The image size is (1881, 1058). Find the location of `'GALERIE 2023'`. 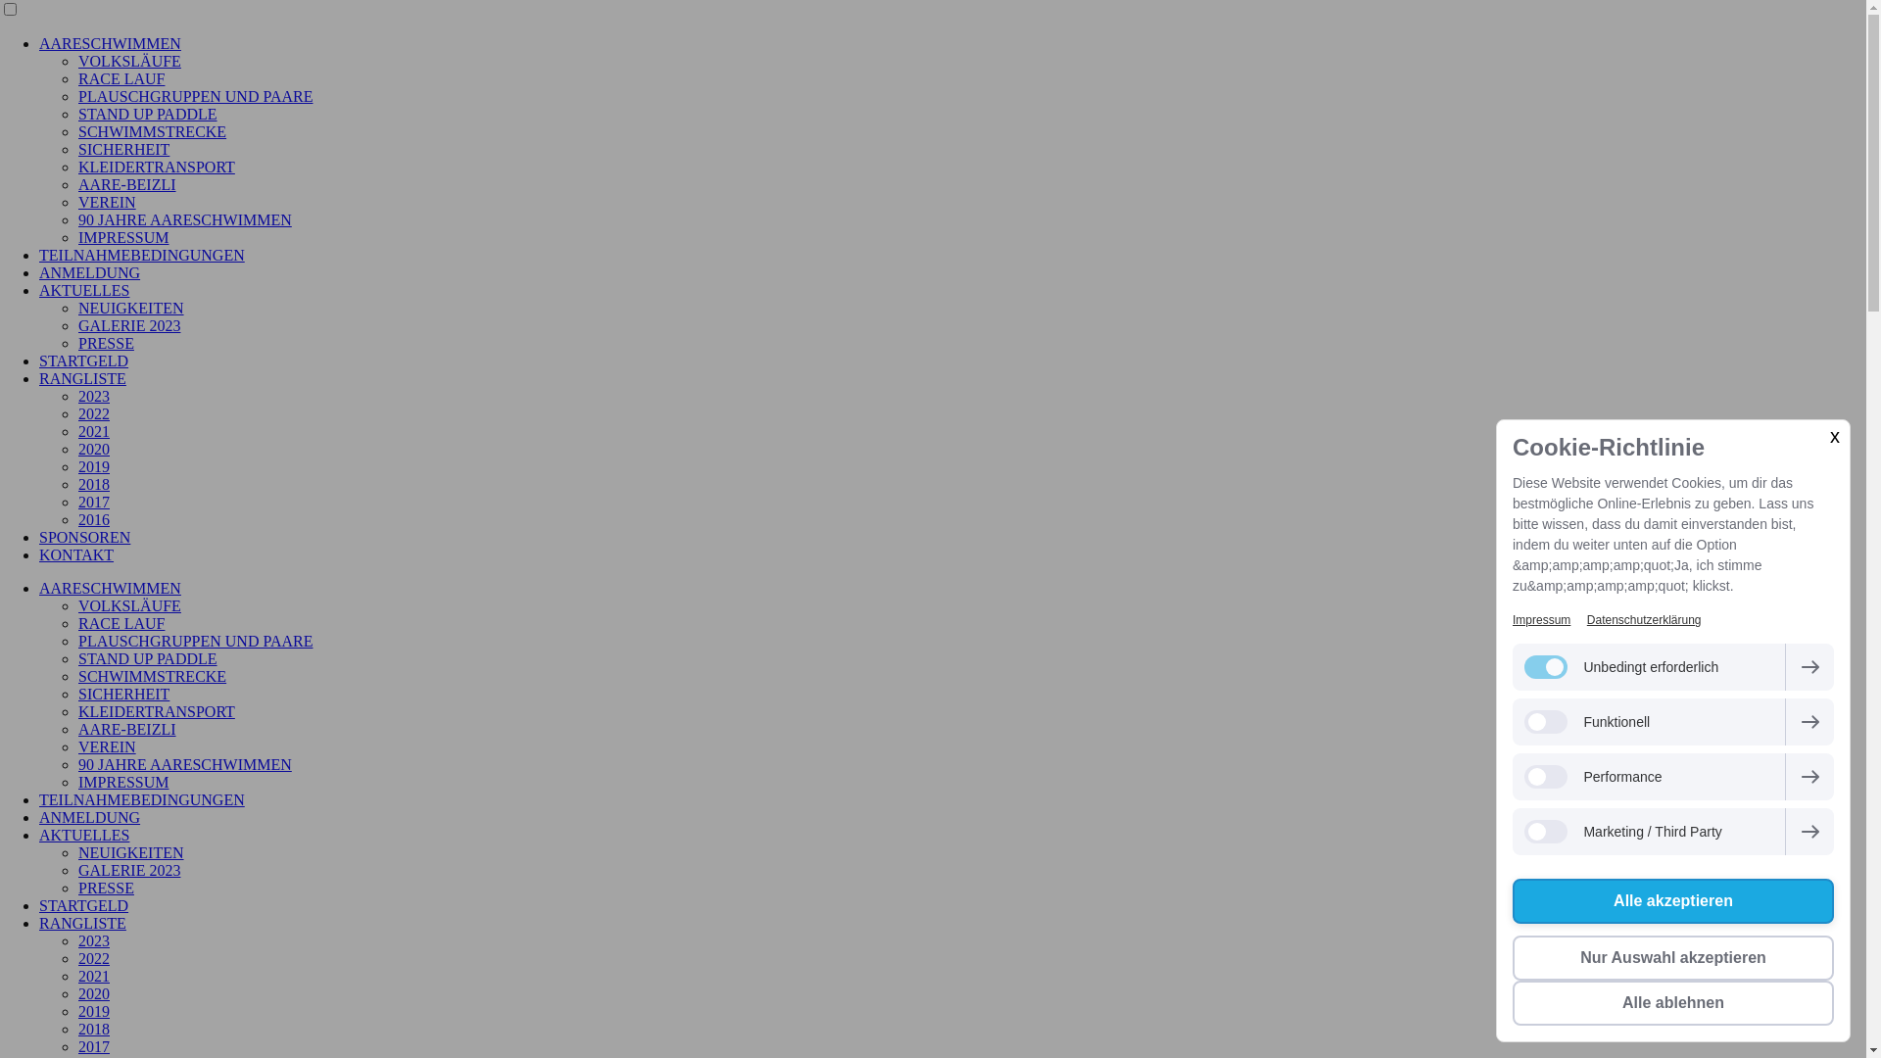

'GALERIE 2023' is located at coordinates (78, 869).